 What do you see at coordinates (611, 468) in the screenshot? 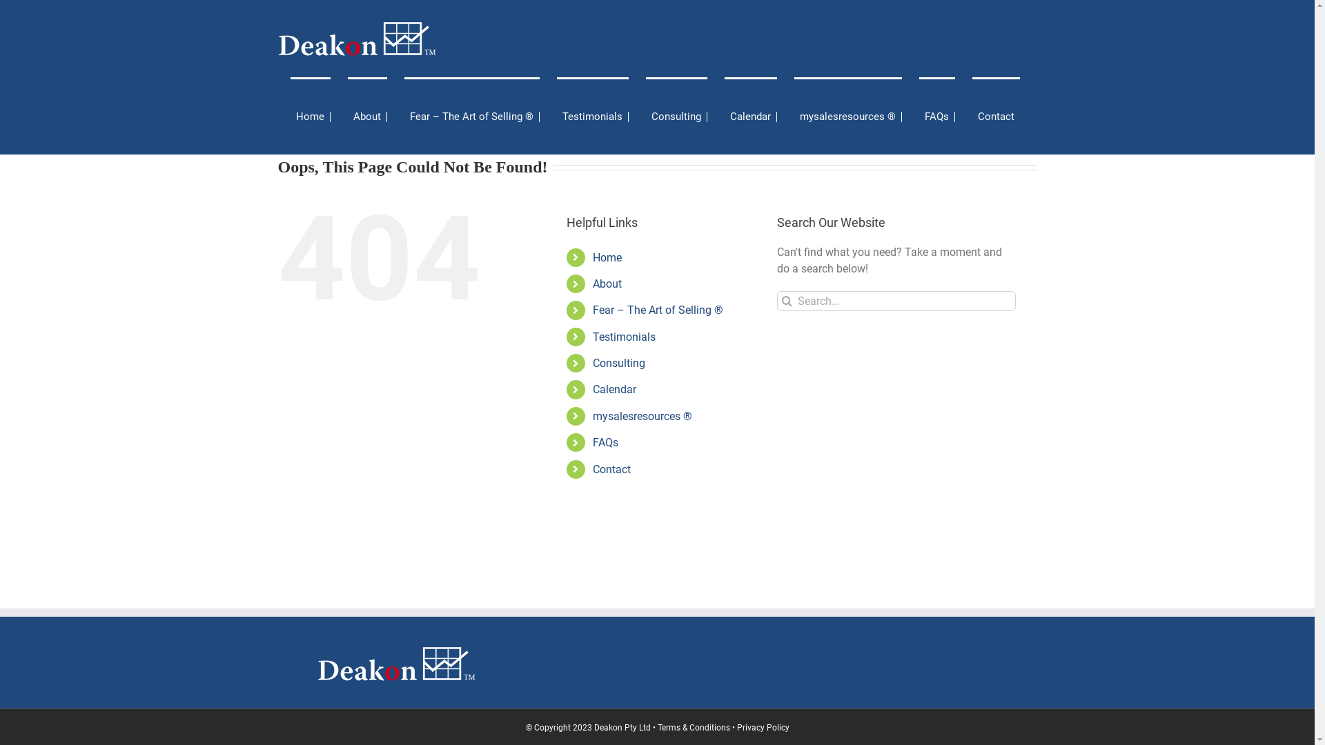
I see `'Contact'` at bounding box center [611, 468].